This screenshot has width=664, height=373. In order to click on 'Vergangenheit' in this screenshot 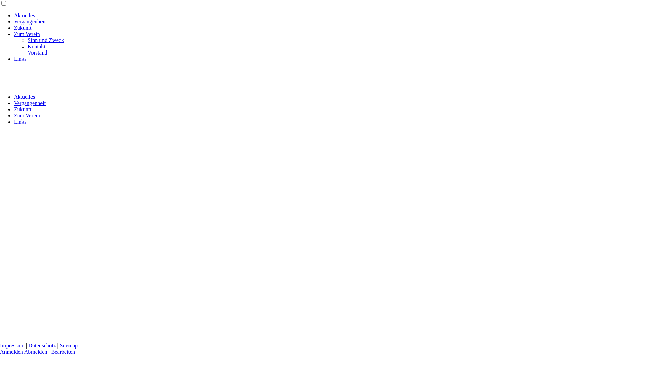, I will do `click(29, 103)`.